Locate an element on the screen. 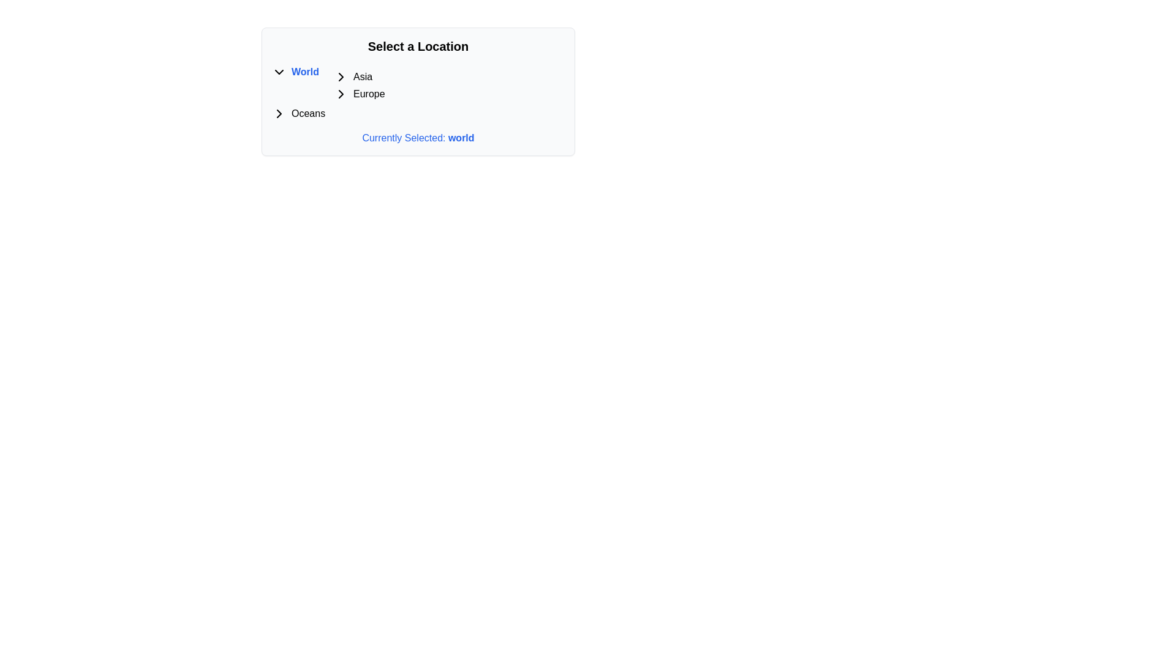  the navigation label for the 'Europe' category located in the hierarchical list under 'Select a Location' is located at coordinates (358, 94).